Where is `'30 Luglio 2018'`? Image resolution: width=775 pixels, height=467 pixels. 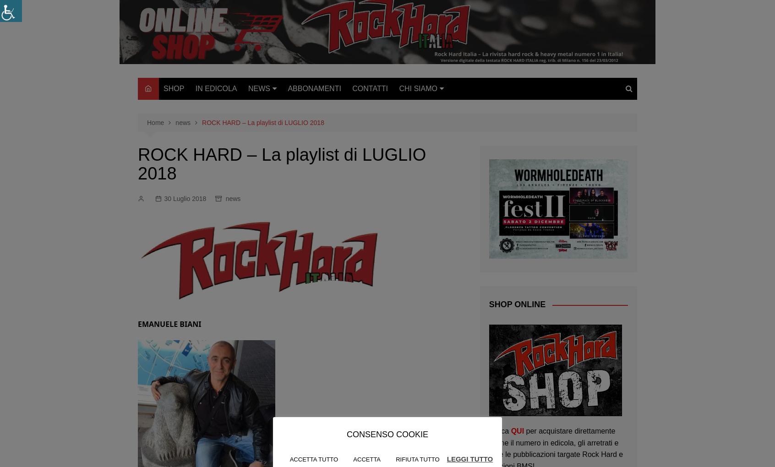
'30 Luglio 2018' is located at coordinates (164, 198).